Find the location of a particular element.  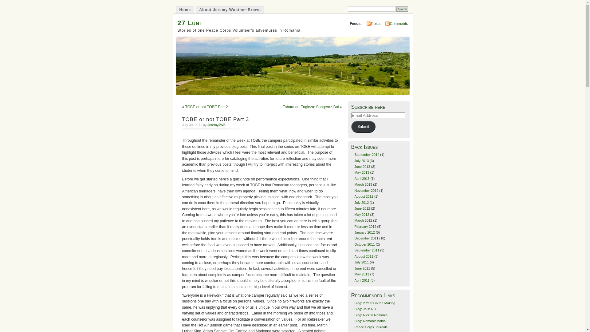

'August 2011' is located at coordinates (364, 256).